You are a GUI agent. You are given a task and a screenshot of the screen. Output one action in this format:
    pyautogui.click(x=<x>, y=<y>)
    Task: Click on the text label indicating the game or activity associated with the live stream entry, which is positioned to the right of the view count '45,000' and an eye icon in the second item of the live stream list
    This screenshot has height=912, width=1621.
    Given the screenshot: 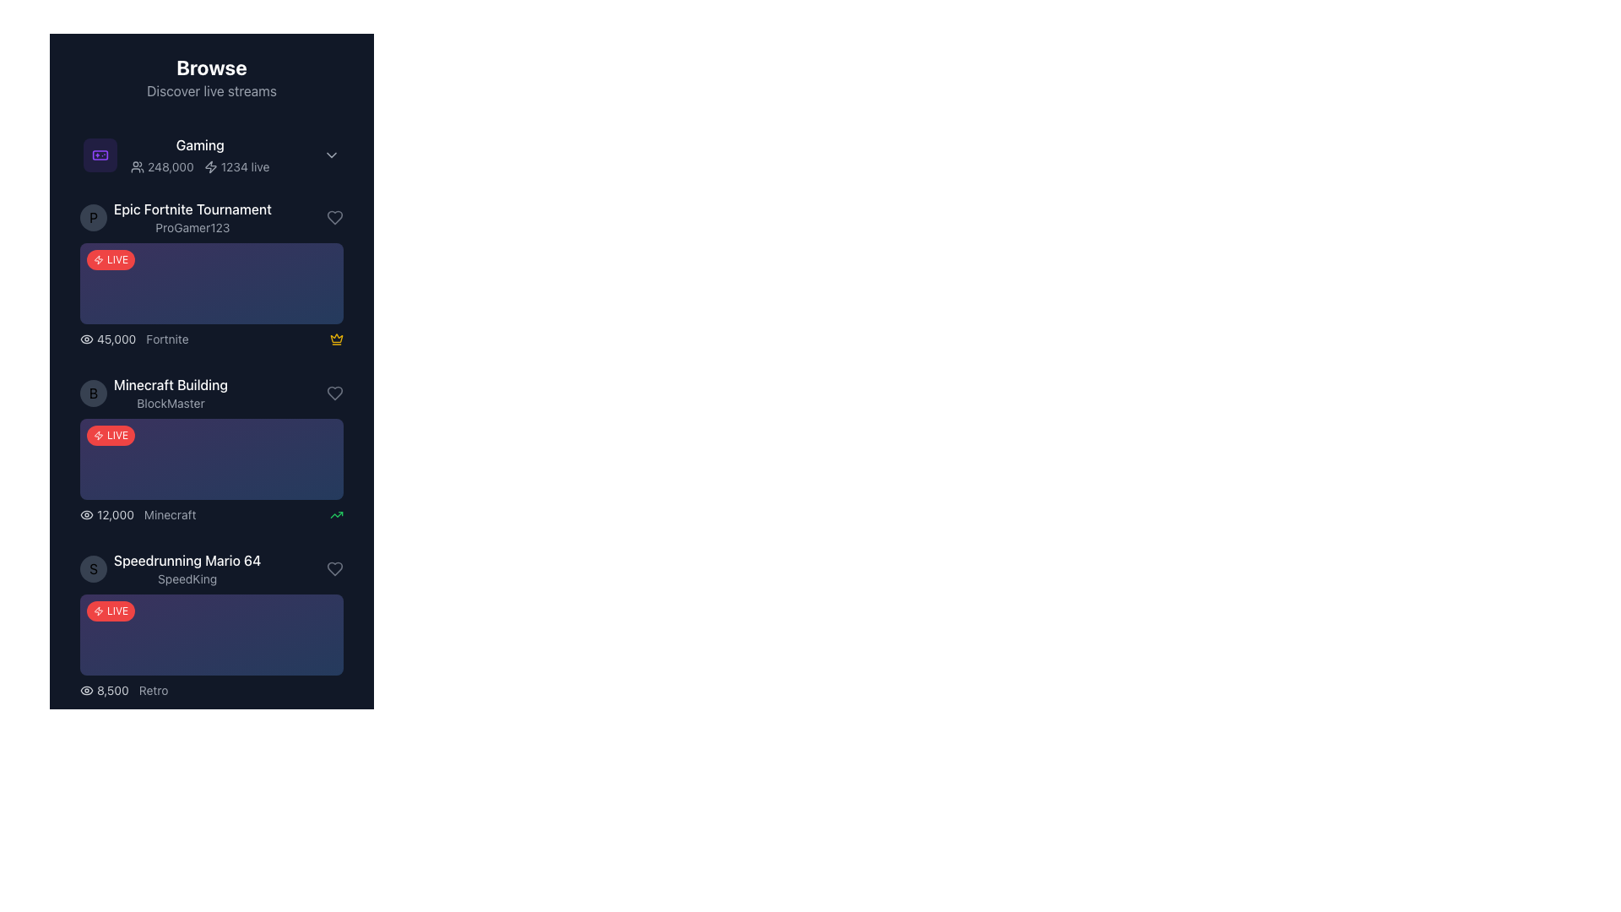 What is the action you would take?
    pyautogui.click(x=167, y=339)
    